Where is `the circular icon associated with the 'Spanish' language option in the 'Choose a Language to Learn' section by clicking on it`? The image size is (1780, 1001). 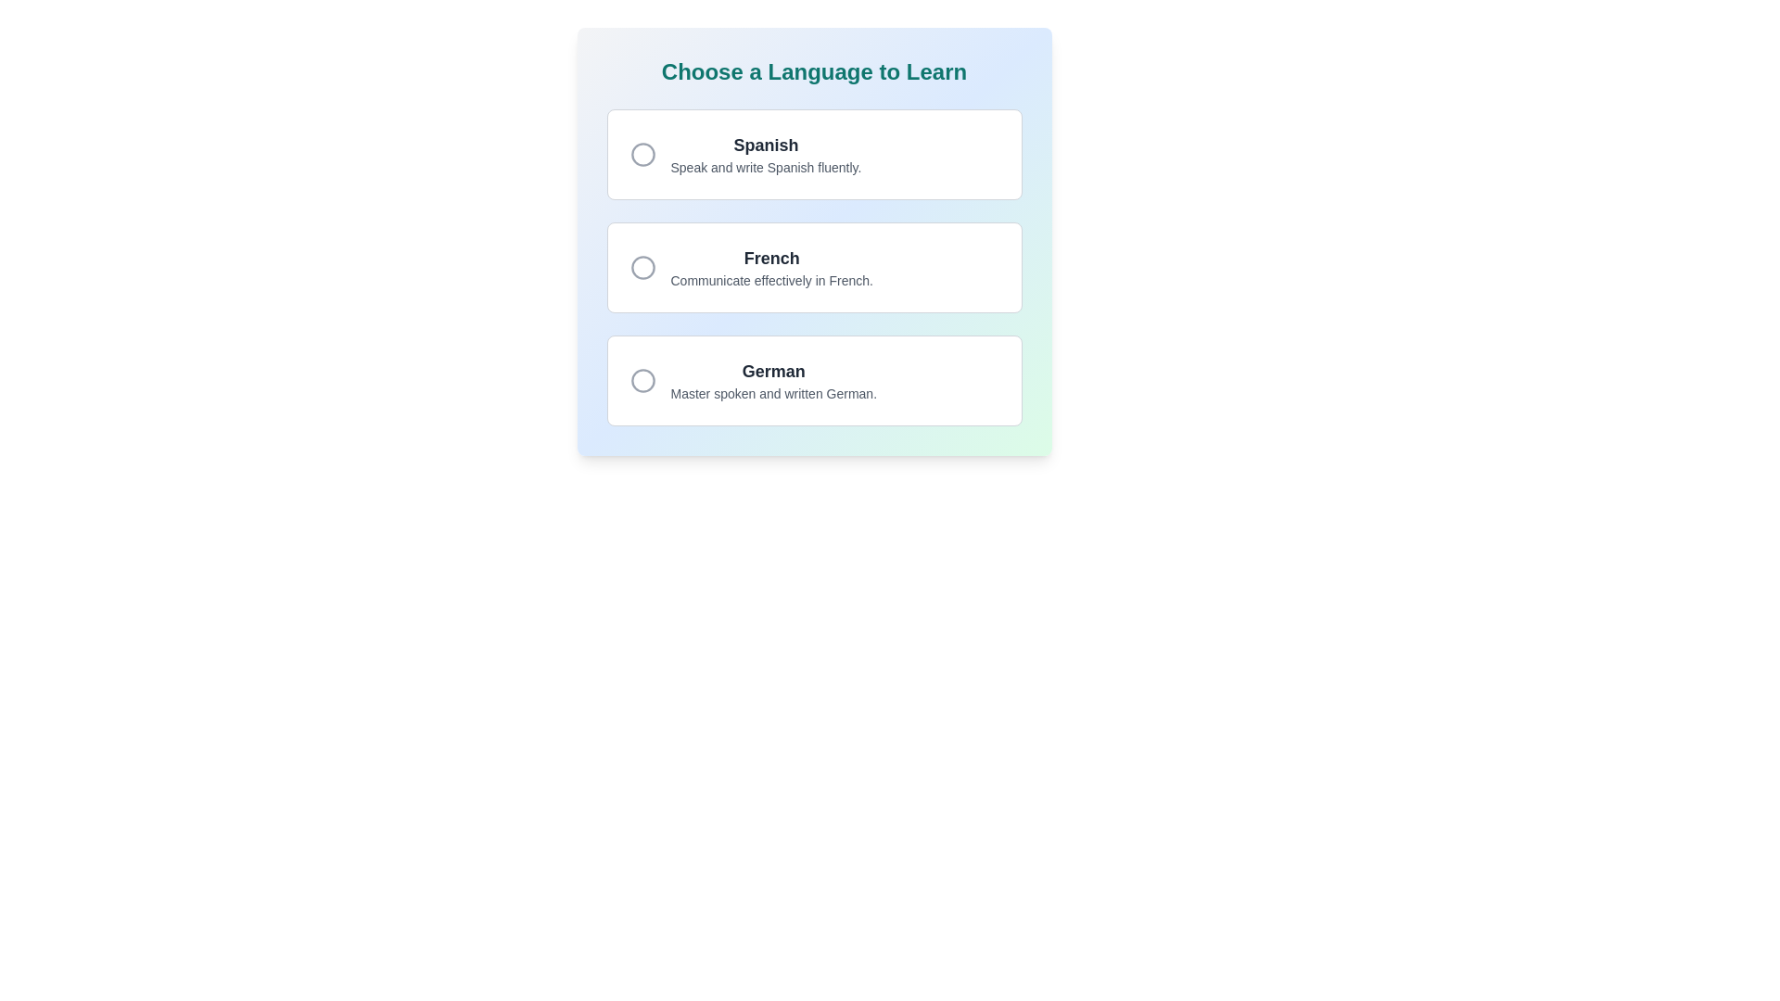 the circular icon associated with the 'Spanish' language option in the 'Choose a Language to Learn' section by clicking on it is located at coordinates (642, 153).